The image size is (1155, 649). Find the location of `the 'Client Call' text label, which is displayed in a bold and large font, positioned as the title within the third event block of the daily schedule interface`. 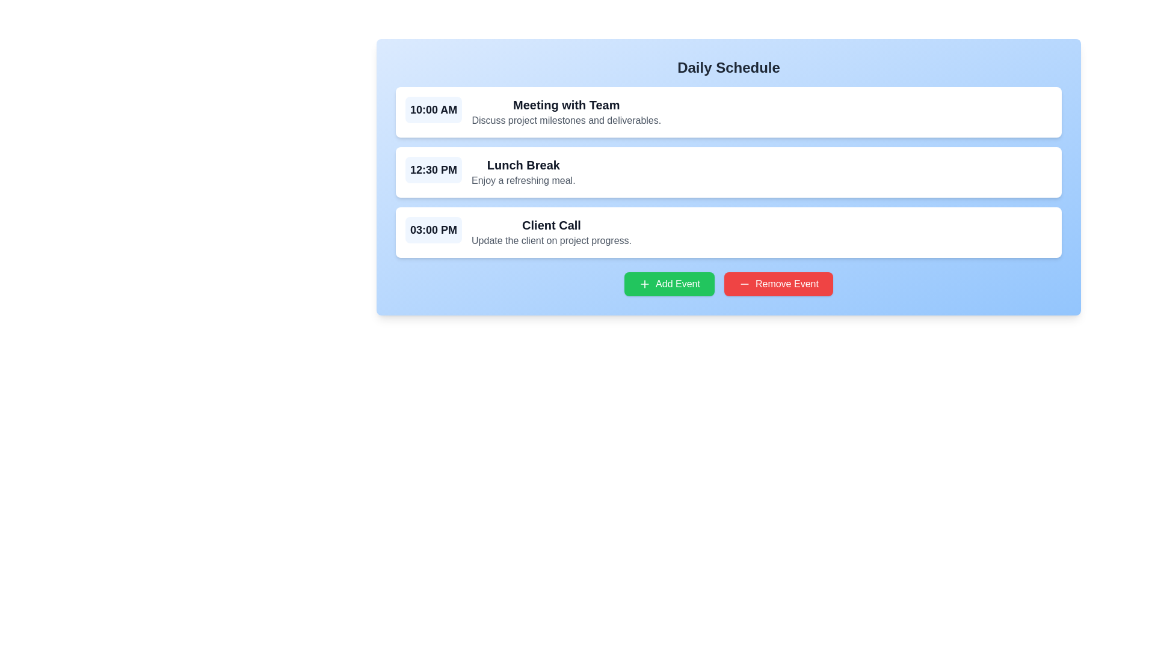

the 'Client Call' text label, which is displayed in a bold and large font, positioned as the title within the third event block of the daily schedule interface is located at coordinates (550, 225).